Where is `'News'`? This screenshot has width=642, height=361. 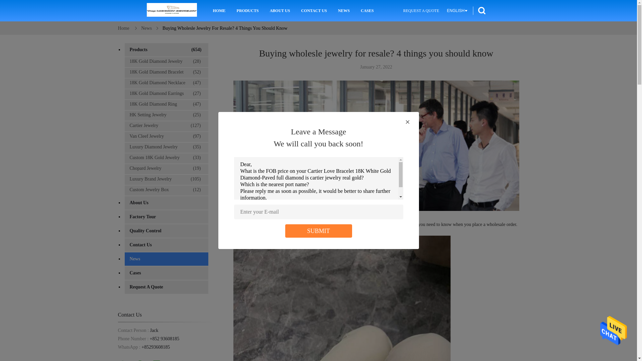
'News' is located at coordinates (166, 259).